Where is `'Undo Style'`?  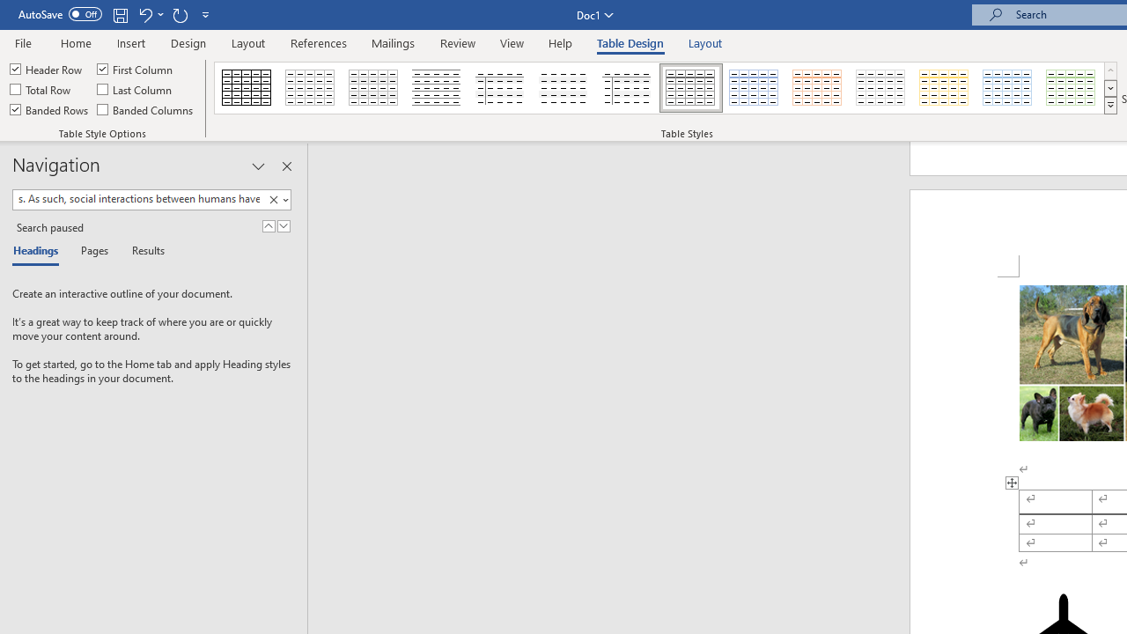 'Undo Style' is located at coordinates (144, 14).